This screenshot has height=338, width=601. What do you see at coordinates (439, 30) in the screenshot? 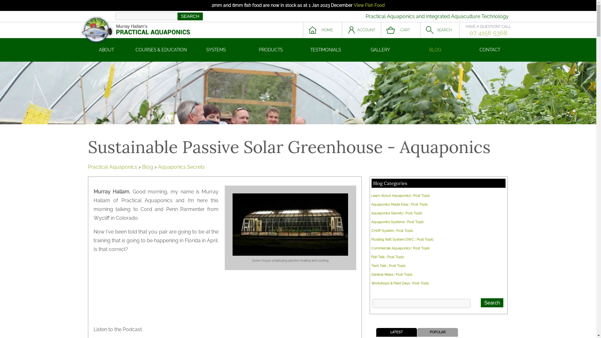
I see `'SEARCH'` at bounding box center [439, 30].